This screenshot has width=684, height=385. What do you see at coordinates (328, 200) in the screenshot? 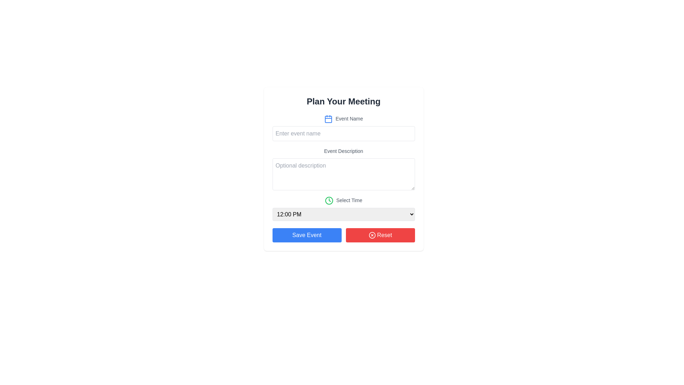
I see `the green clock icon located in the 'Select Time' section, which precedes the text label 'Select Time.'` at bounding box center [328, 200].